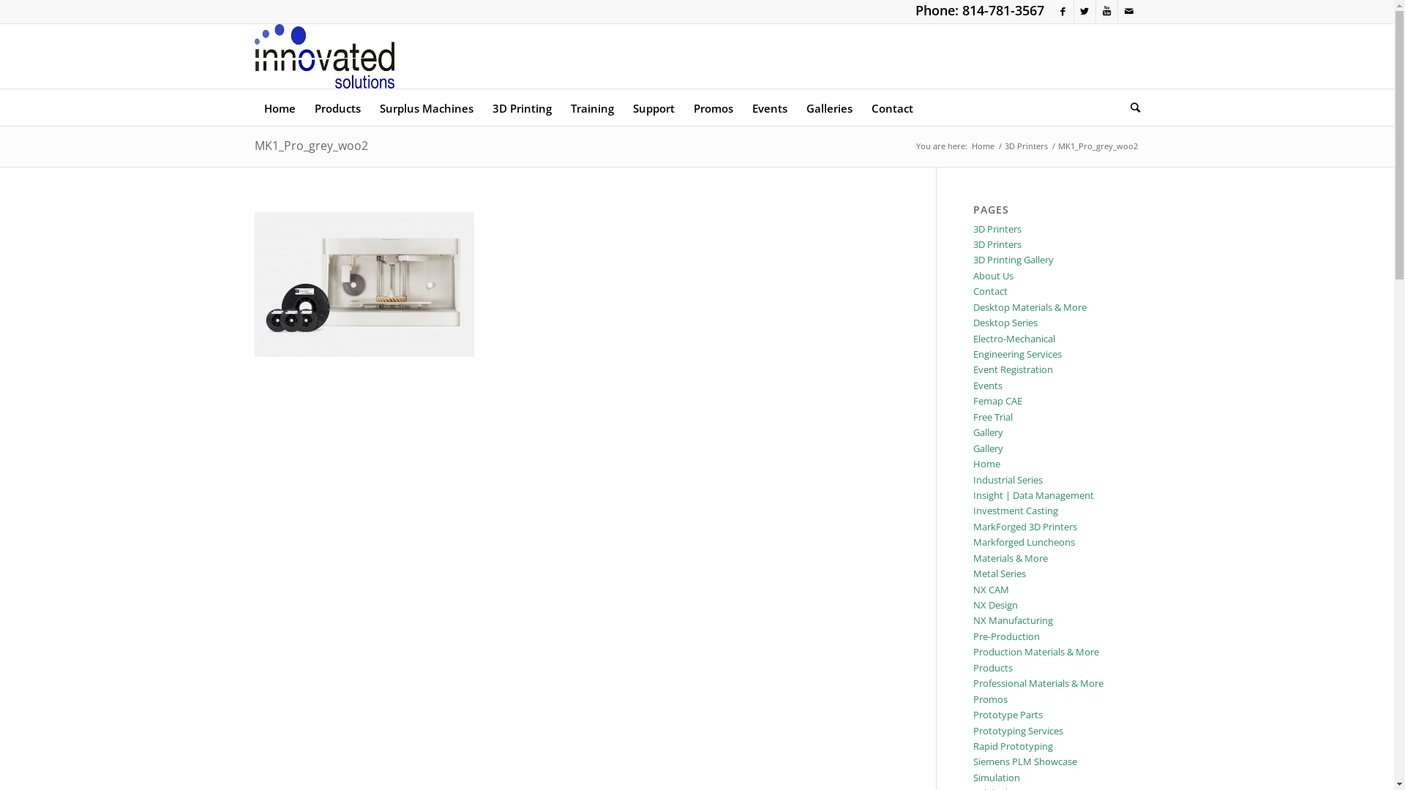  Describe the element at coordinates (1024, 761) in the screenshot. I see `'Siemens PLM Showcase'` at that location.